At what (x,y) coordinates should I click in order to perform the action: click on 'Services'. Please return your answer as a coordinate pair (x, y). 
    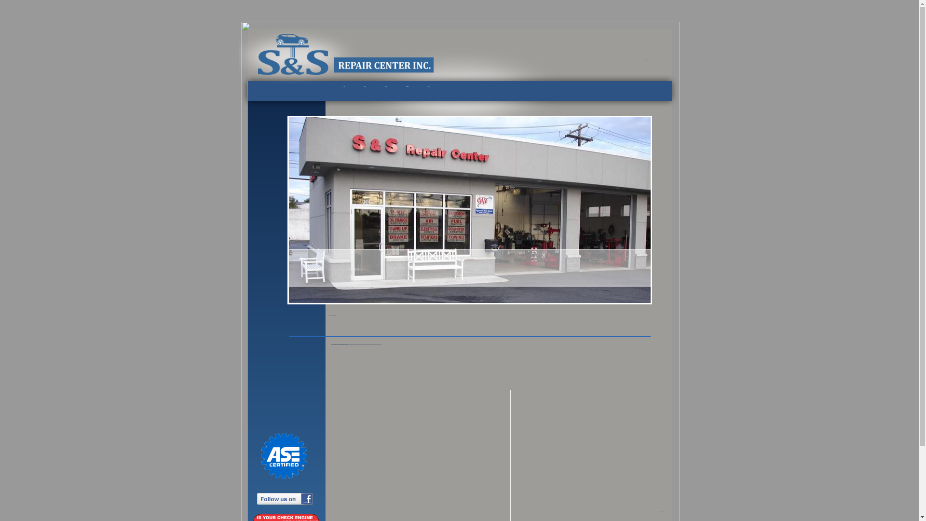
    Looking at the image, I should click on (364, 86).